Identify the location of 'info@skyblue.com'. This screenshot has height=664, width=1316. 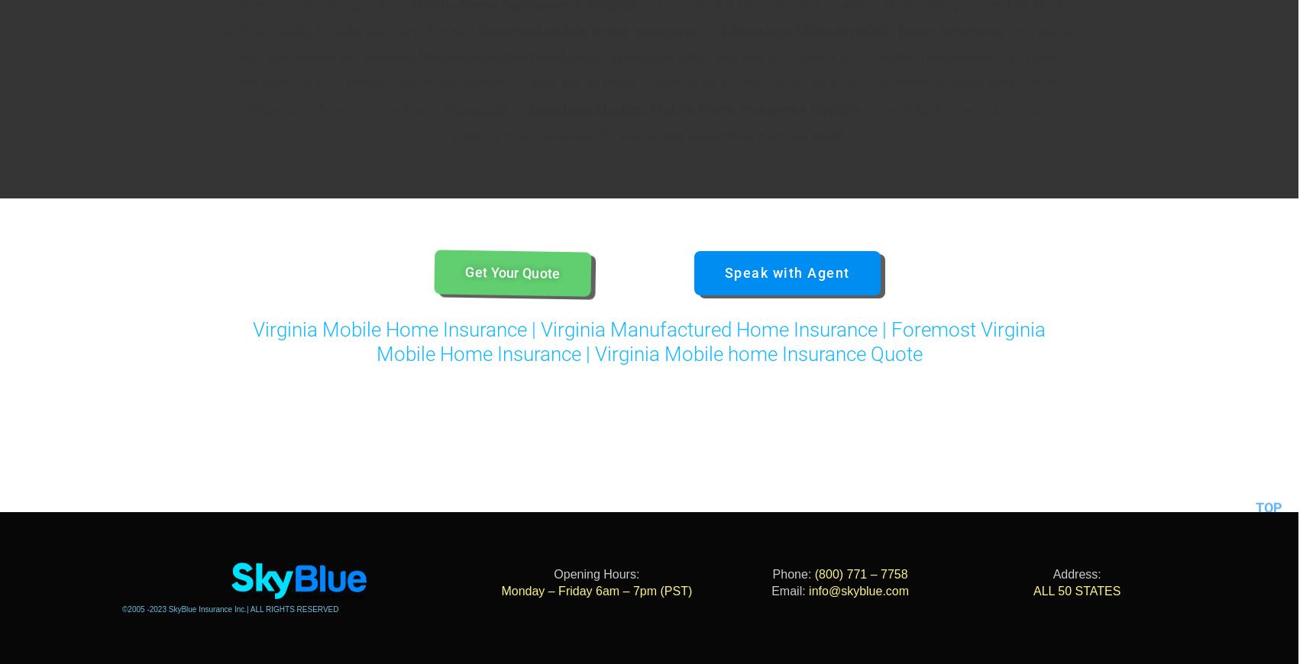
(858, 590).